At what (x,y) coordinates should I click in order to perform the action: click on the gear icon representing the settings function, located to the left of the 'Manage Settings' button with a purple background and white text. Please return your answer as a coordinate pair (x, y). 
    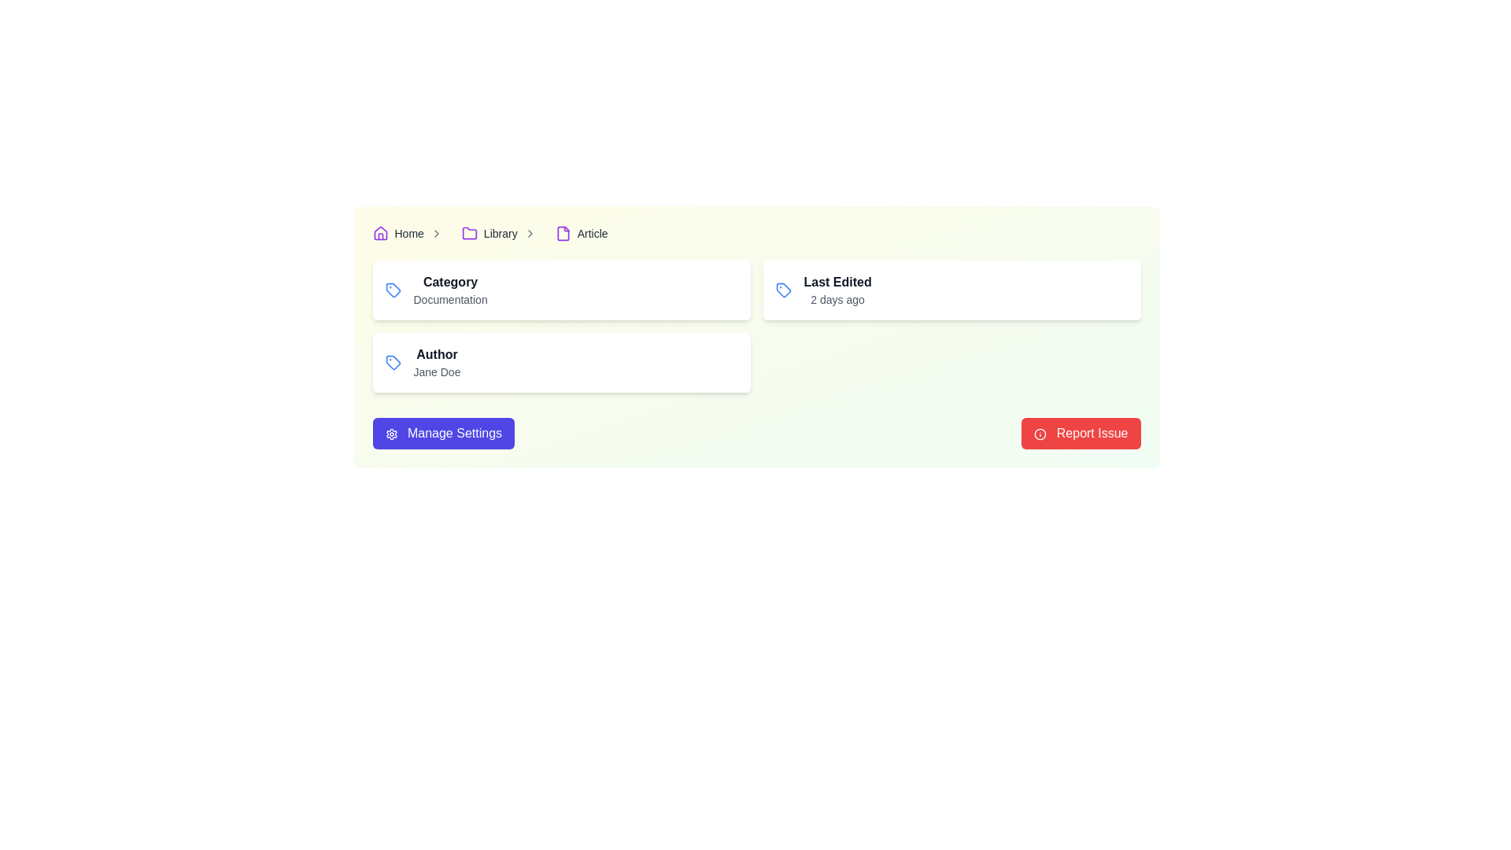
    Looking at the image, I should click on (391, 434).